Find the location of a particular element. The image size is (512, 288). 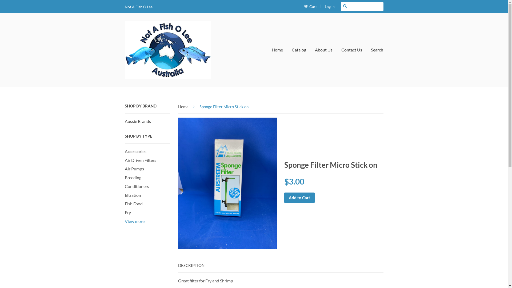

'Accessories' is located at coordinates (135, 151).